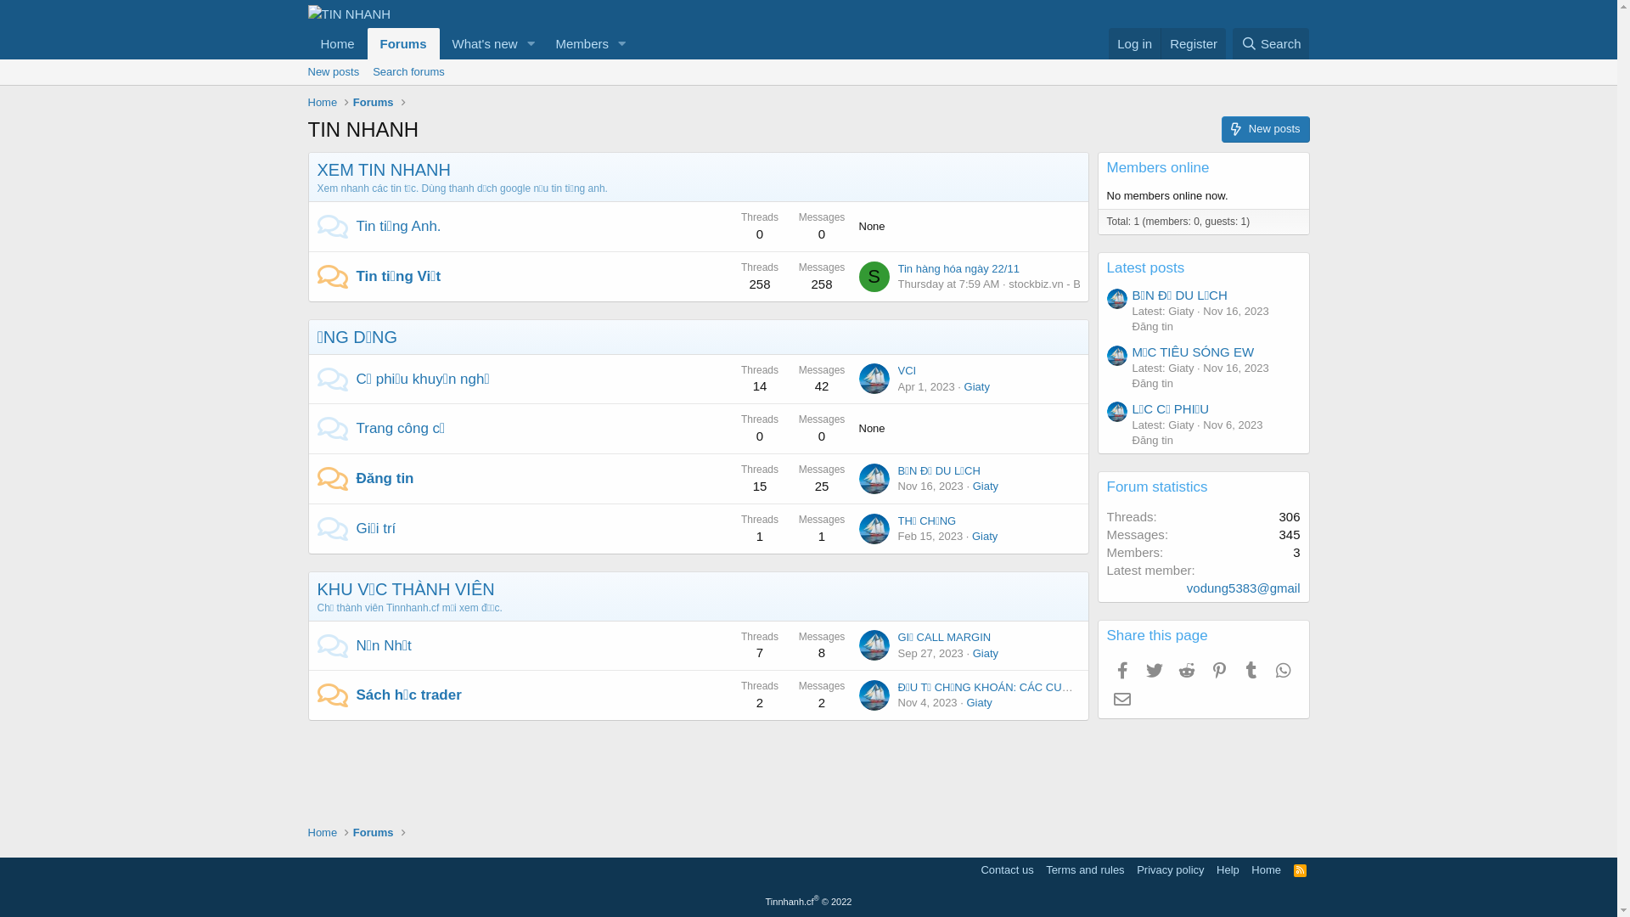  Describe the element at coordinates (1154, 670) in the screenshot. I see `'Twitter'` at that location.